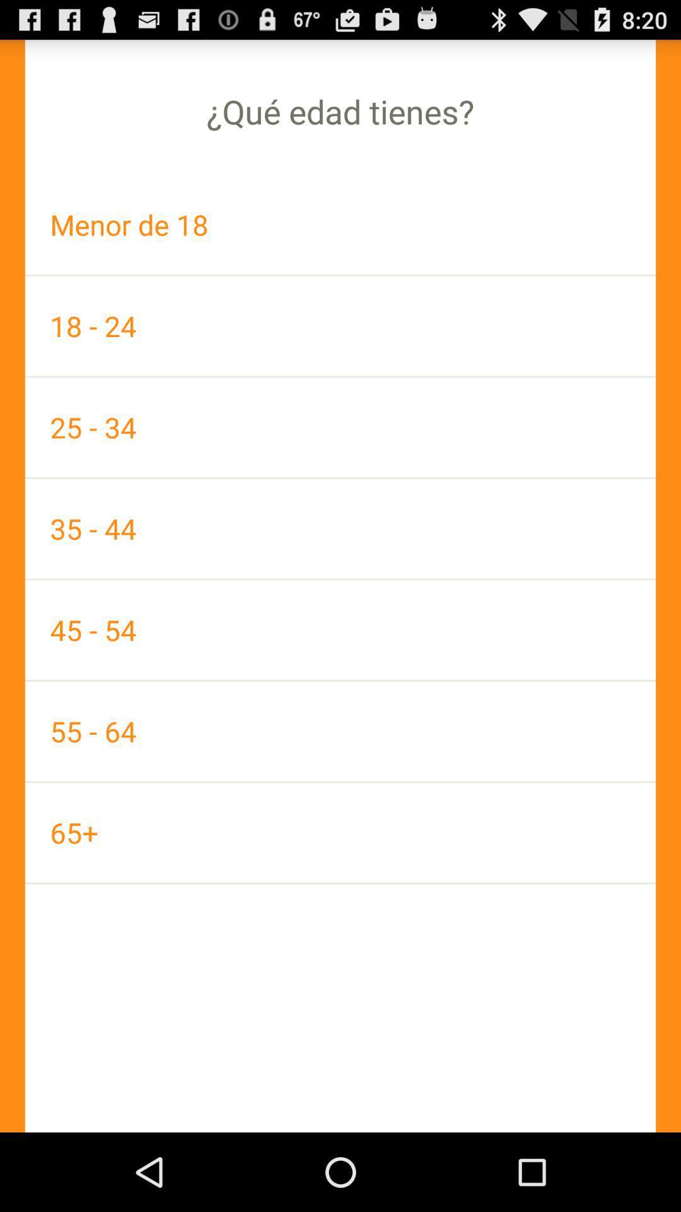 The image size is (681, 1212). Describe the element at coordinates (340, 326) in the screenshot. I see `item above the 25 - 34 app` at that location.